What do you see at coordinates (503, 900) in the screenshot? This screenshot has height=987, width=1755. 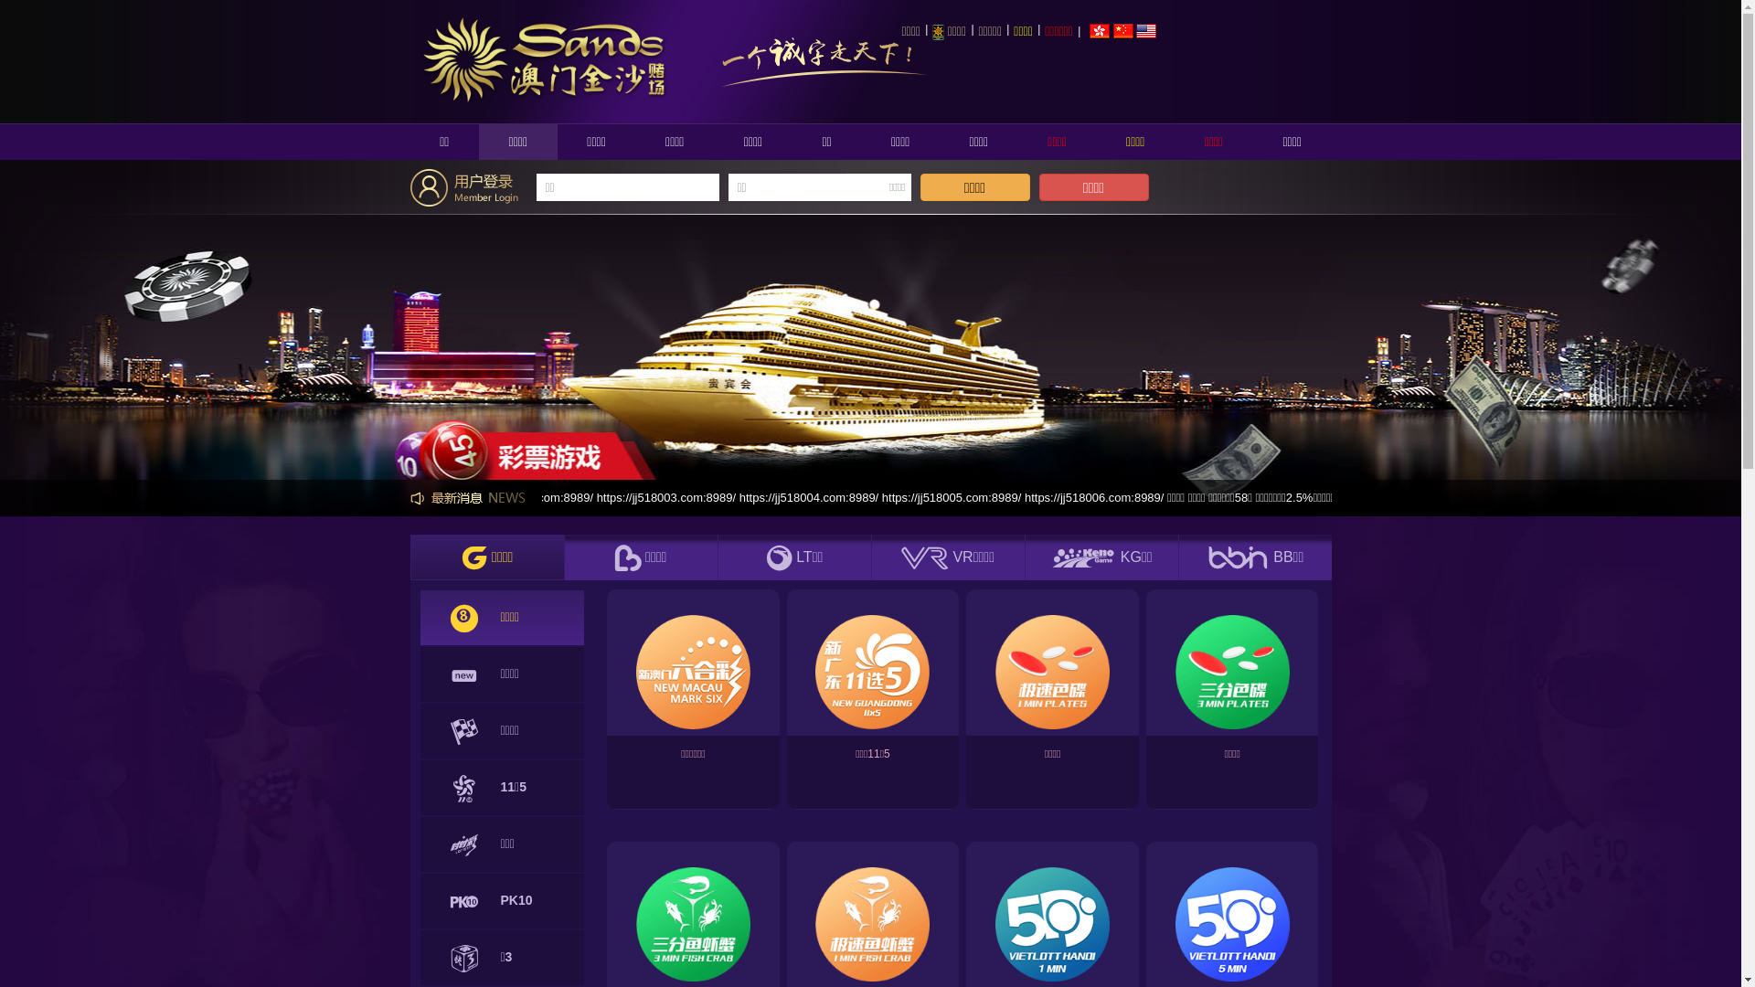 I see `'PK10'` at bounding box center [503, 900].